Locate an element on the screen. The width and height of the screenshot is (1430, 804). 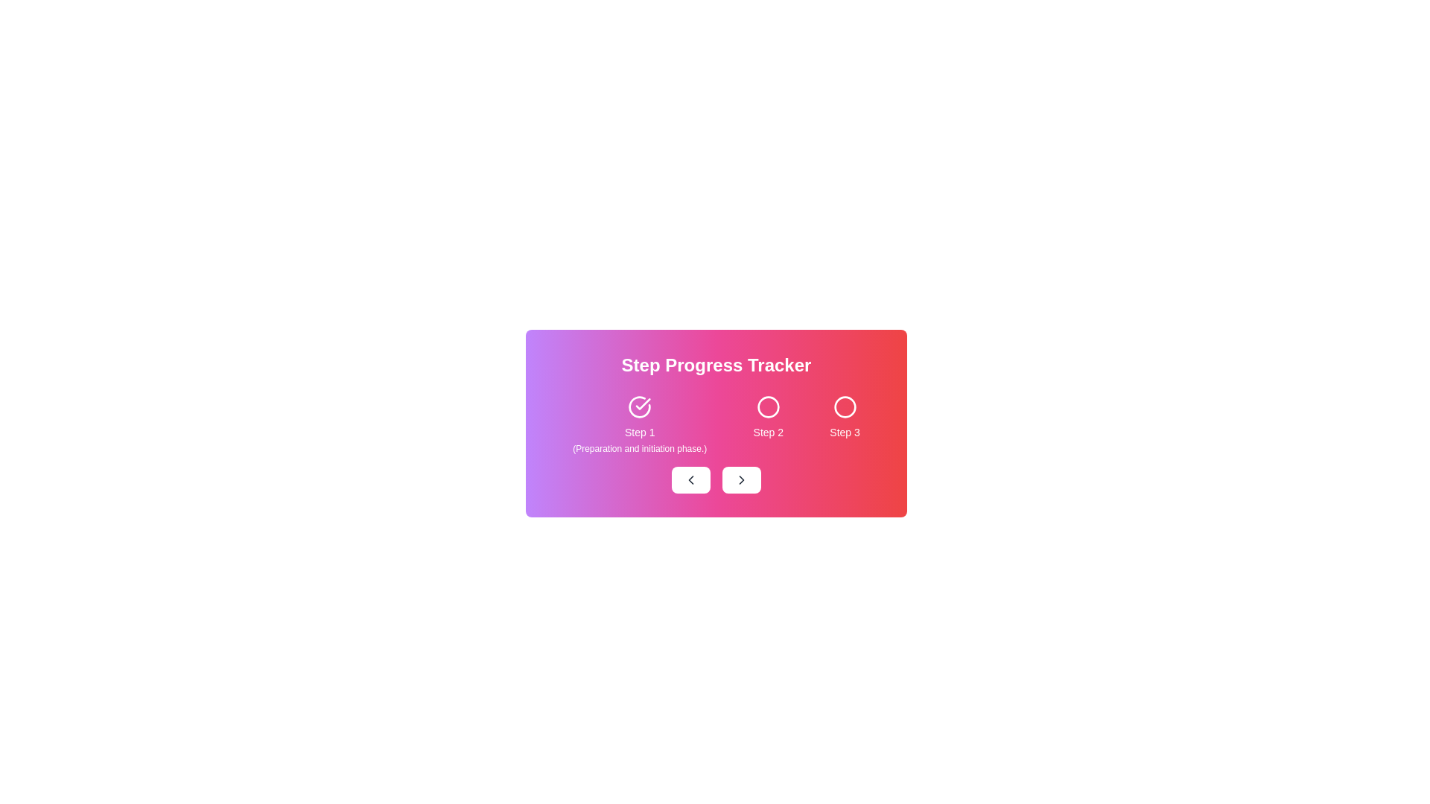
the circular segment of the checkmark design in the first step indicator of the step tracker interface is located at coordinates (640, 407).